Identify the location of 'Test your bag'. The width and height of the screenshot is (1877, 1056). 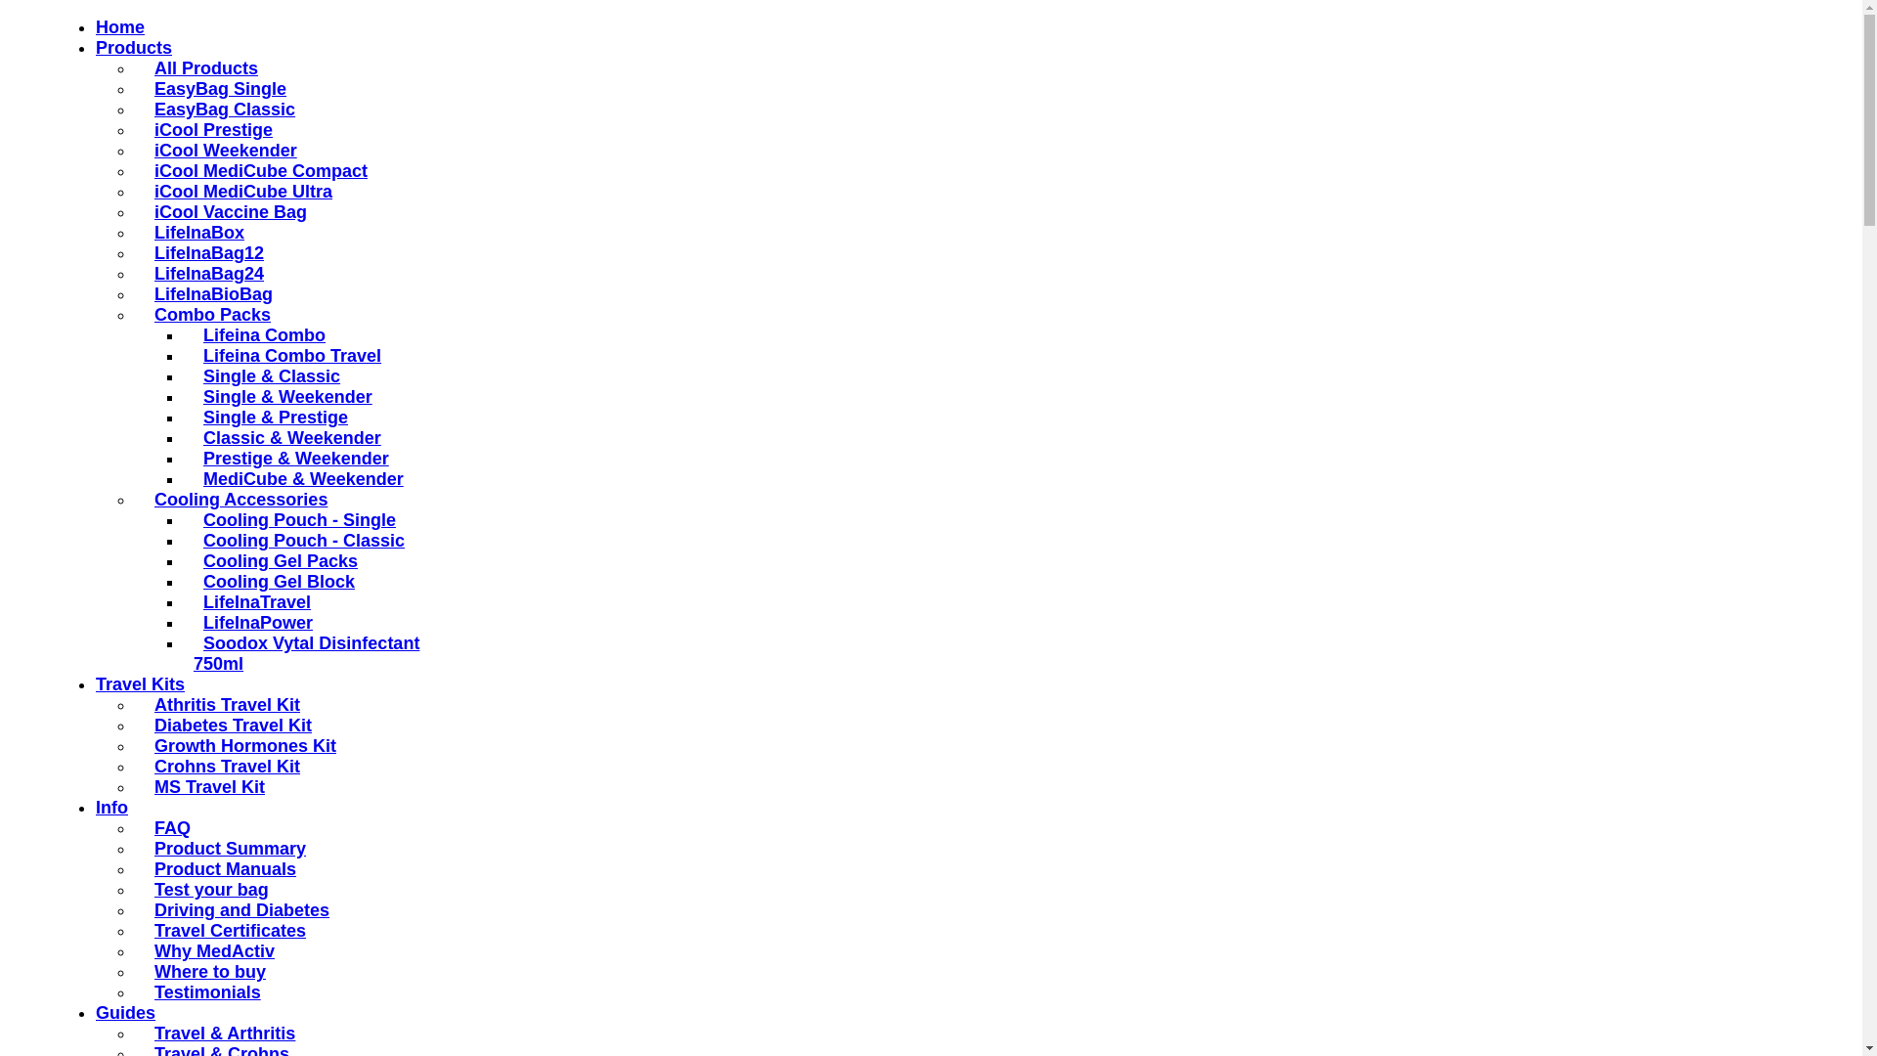
(144, 890).